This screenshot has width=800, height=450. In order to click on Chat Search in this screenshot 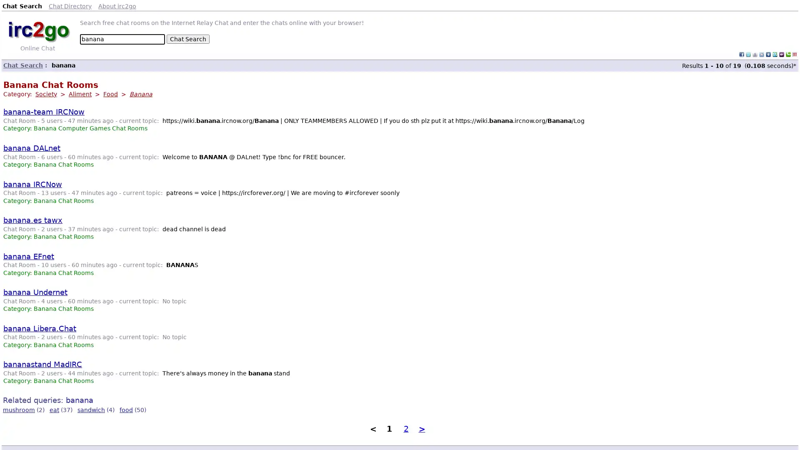, I will do `click(187, 39)`.